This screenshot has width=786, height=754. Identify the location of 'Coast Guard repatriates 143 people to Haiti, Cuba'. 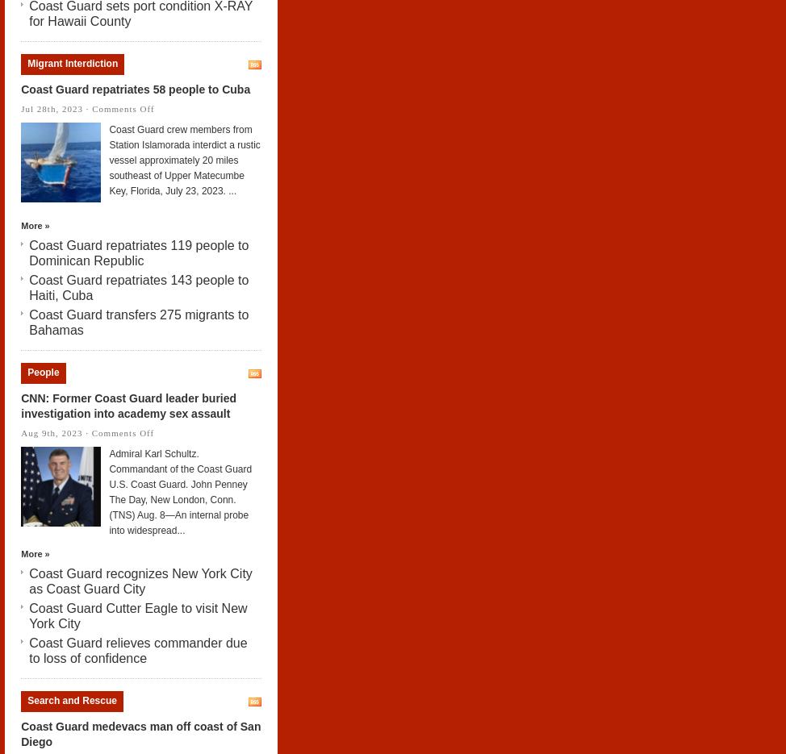
(139, 285).